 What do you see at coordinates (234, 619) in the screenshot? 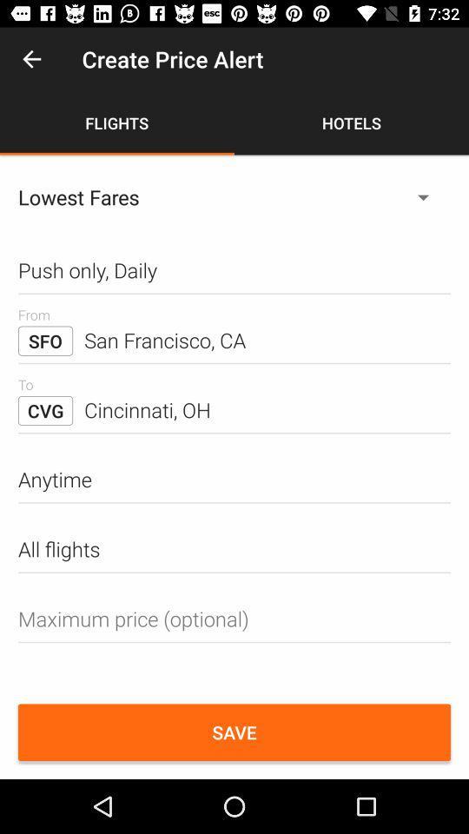
I see `click button` at bounding box center [234, 619].